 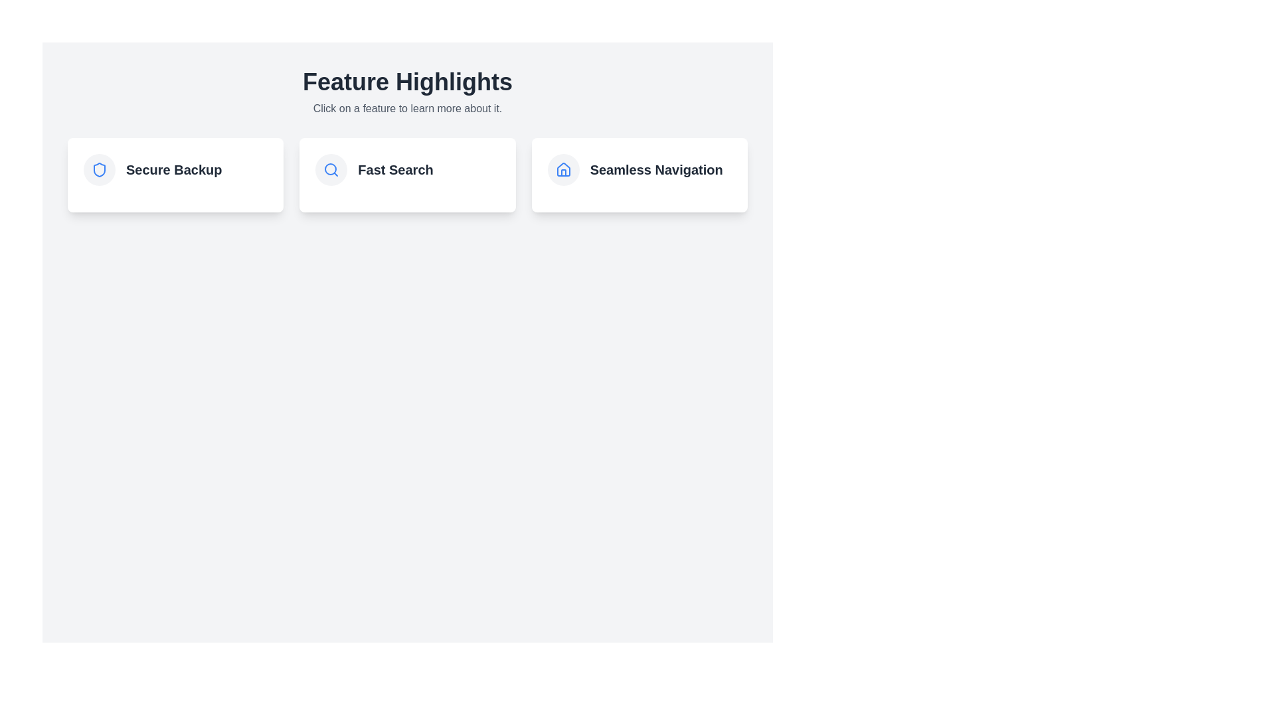 I want to click on the search icon associated with the 'Fast Search' feature located within the second card under the 'Feature Highlights' section, so click(x=331, y=169).